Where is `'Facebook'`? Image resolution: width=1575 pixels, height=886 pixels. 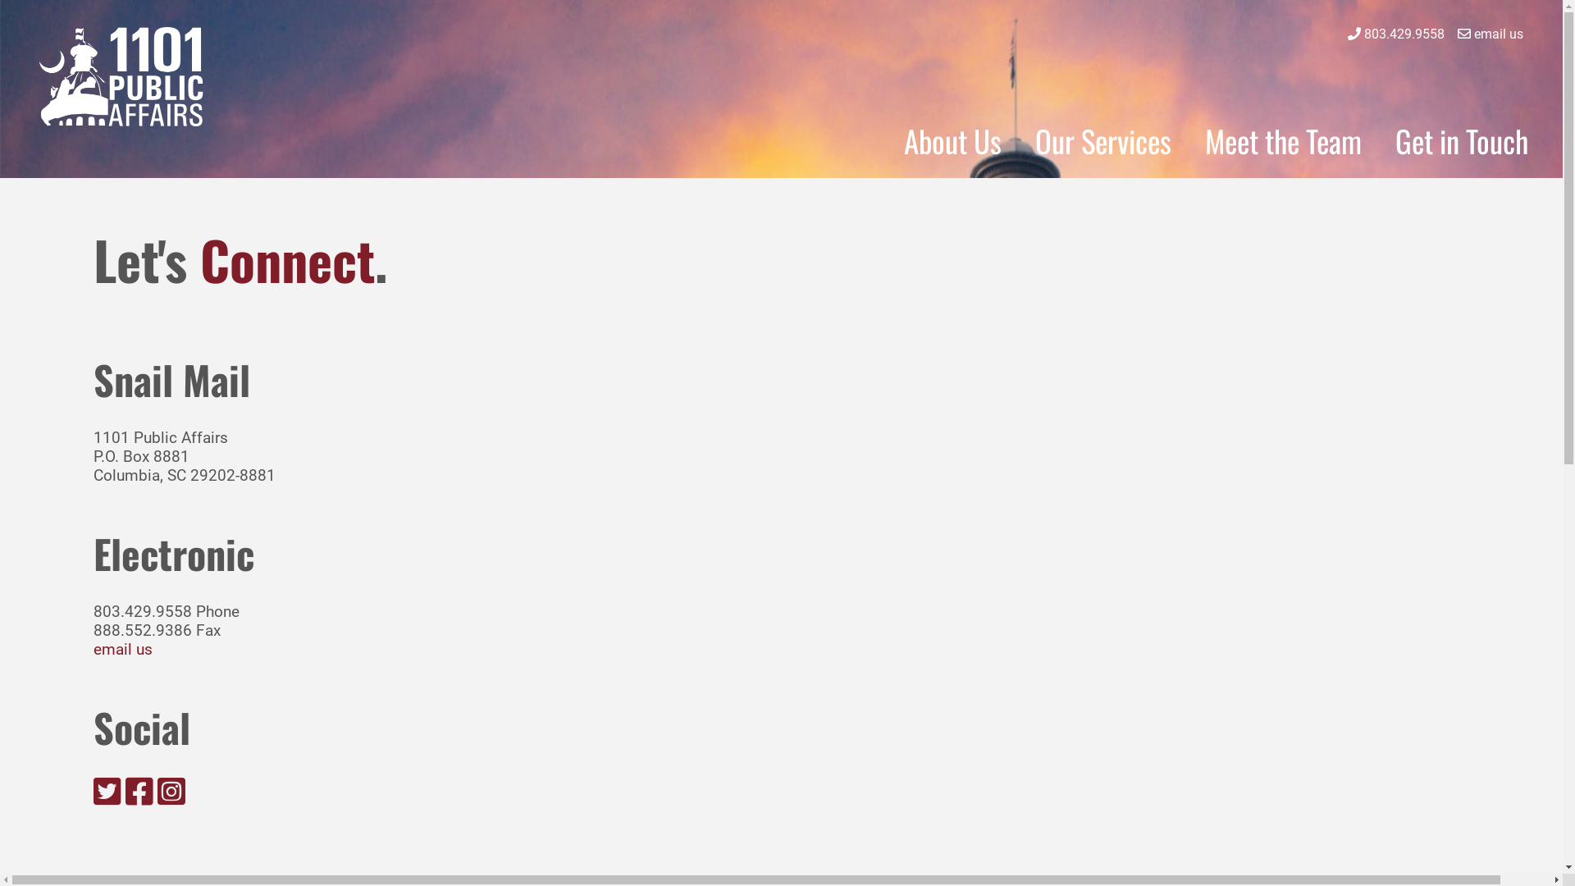 'Facebook' is located at coordinates (139, 797).